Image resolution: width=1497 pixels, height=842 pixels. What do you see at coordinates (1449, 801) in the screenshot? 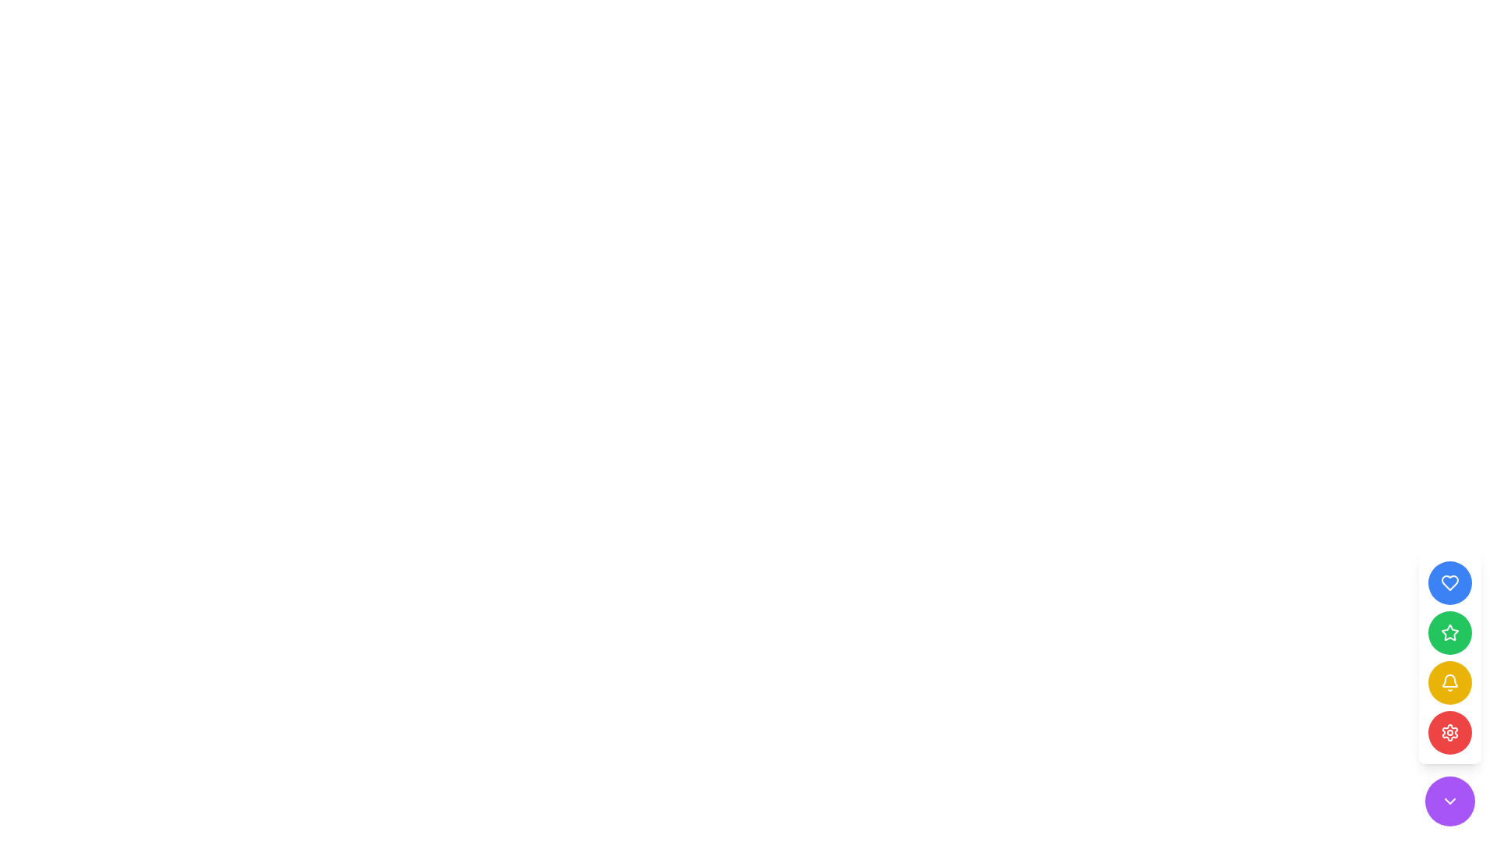
I see `the icon within the purple circular button located at the bottom of the right-aligned vertical toolbar, which serves as an indication of a drop-down or collapsible action` at bounding box center [1449, 801].